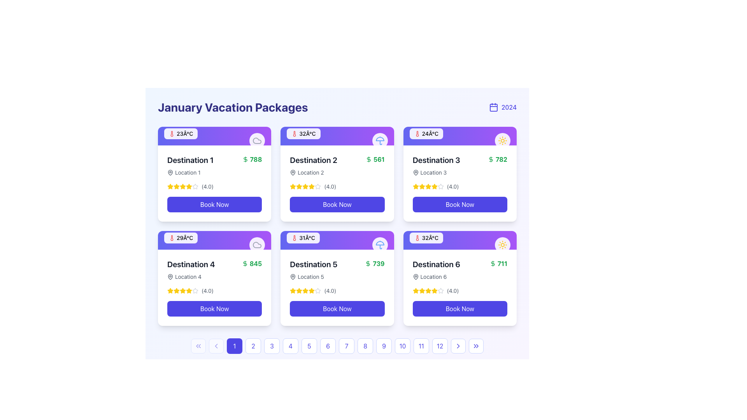  What do you see at coordinates (312, 186) in the screenshot?
I see `the second yellow star icon in the rating section beneath the 'Destination 2' card to gather rating information` at bounding box center [312, 186].